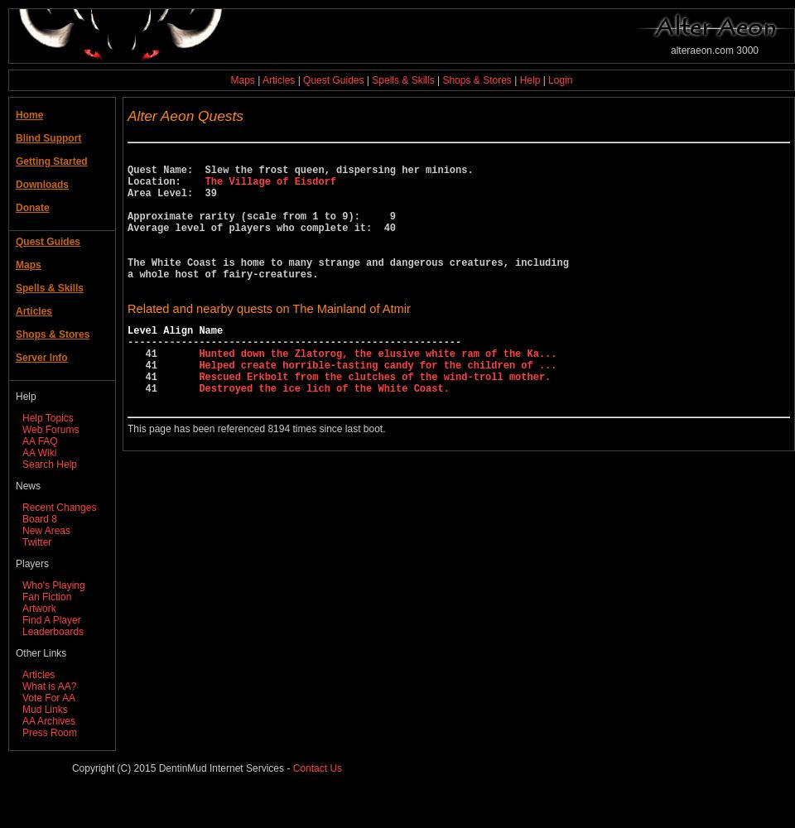 The width and height of the screenshot is (795, 828). Describe the element at coordinates (126, 175) in the screenshot. I see `'Quest Name:  Slew the frost queen, dispersing her minions.
Location:'` at that location.